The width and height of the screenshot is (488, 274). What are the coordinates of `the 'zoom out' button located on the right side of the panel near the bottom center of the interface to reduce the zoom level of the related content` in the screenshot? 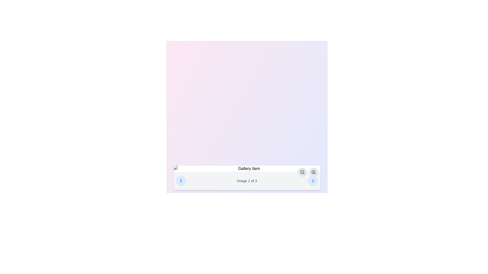 It's located at (302, 172).